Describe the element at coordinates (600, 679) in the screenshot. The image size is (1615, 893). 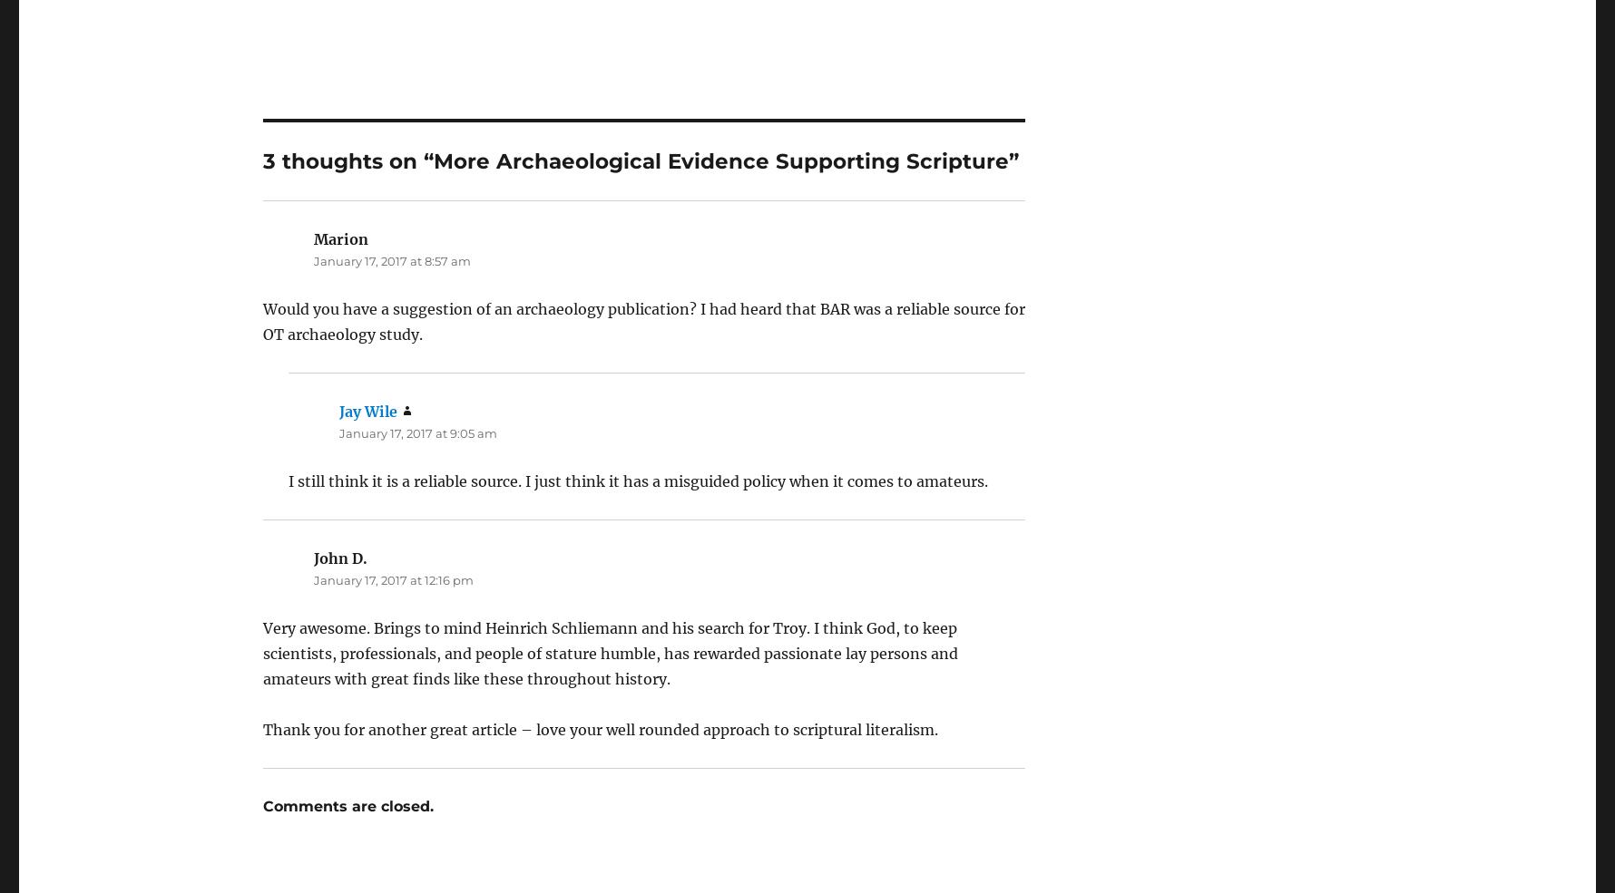
I see `'Thank you for another great article – love your well rounded approach to scriptural literalism.'` at that location.